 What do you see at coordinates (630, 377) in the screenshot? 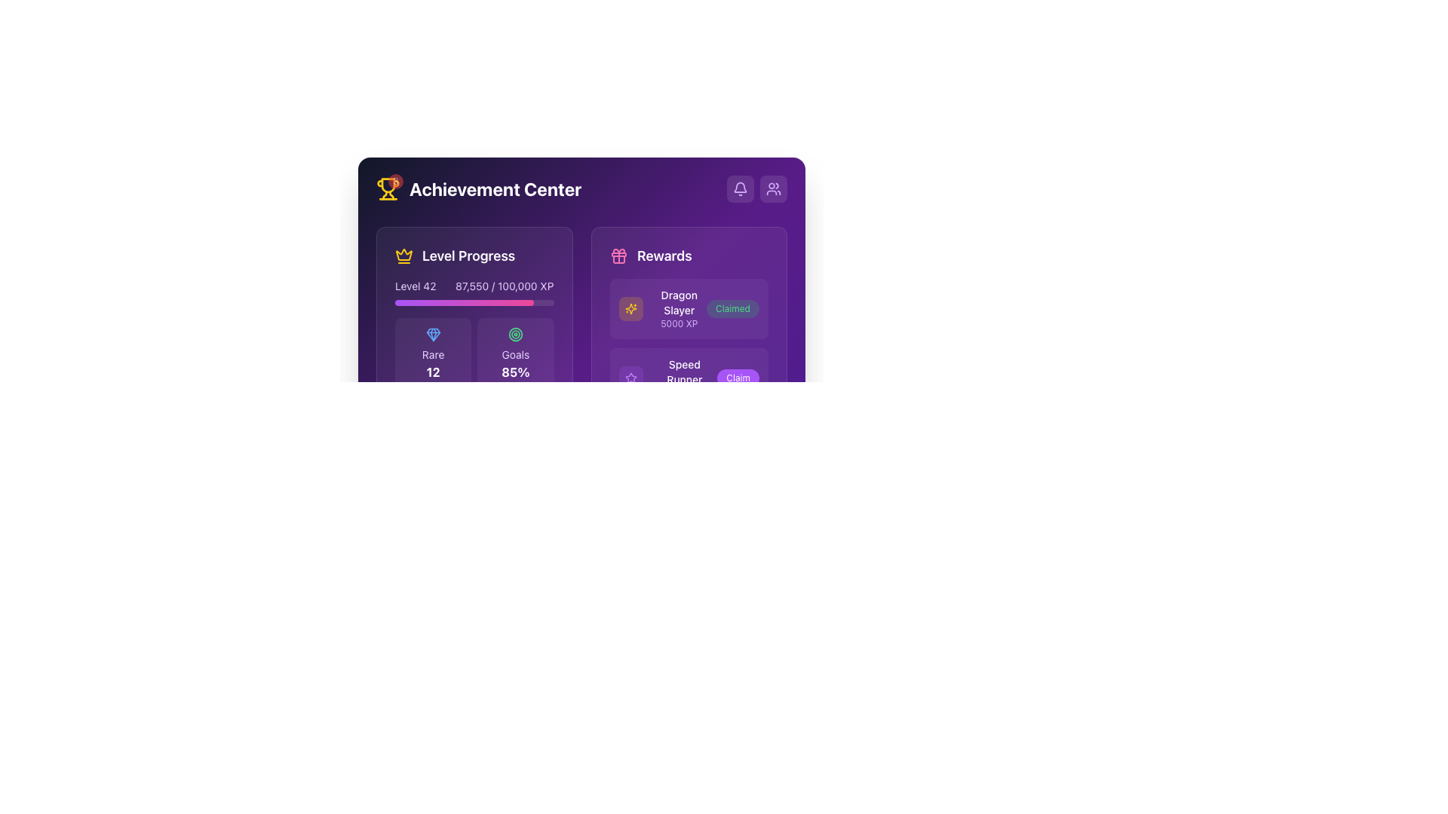
I see `the 'Speed Runner' achievement icon badge located on the left side of the text 'Speed Runner' and '3000 XP'` at bounding box center [630, 377].